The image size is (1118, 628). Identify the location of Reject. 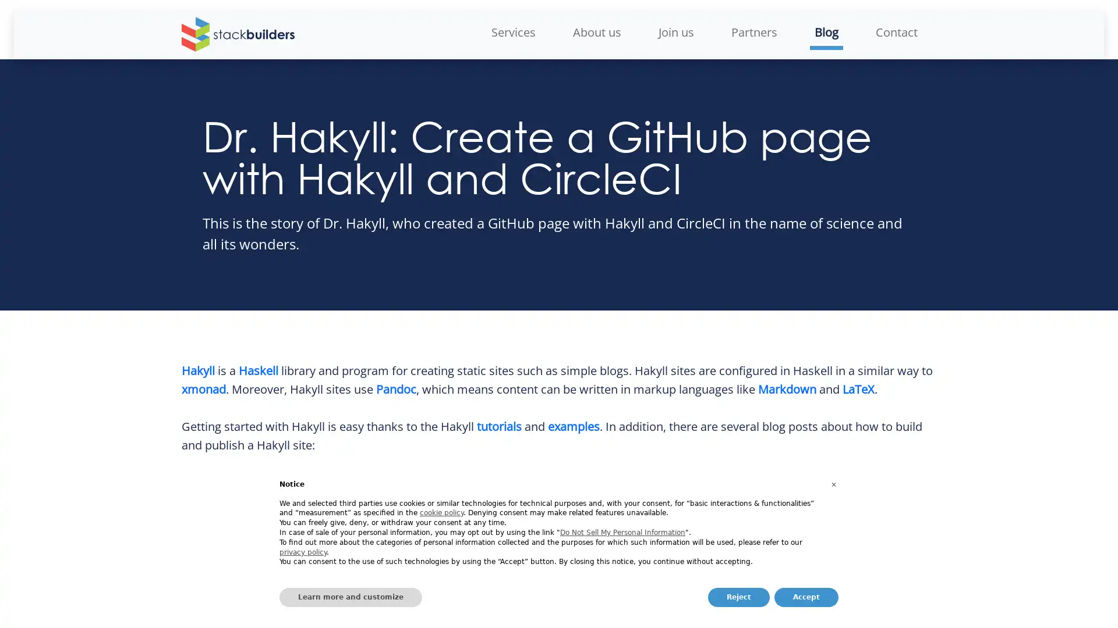
(738, 597).